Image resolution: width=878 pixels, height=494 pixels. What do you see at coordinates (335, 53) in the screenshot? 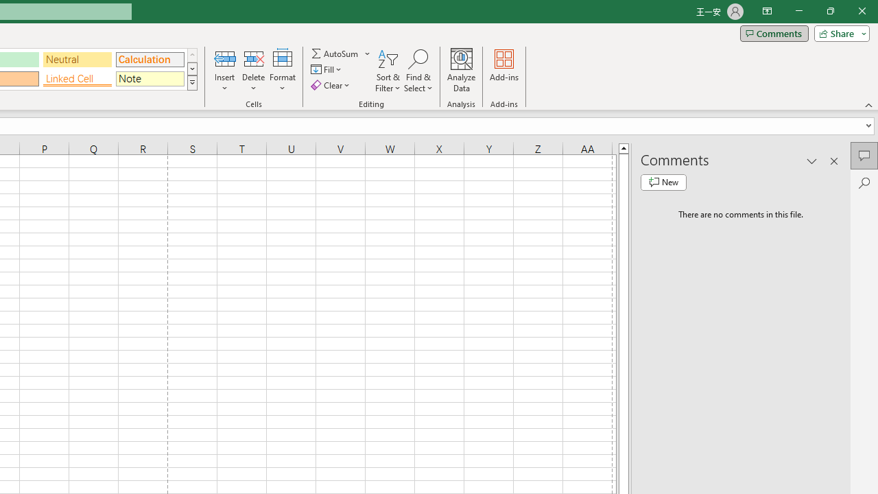
I see `'Sum'` at bounding box center [335, 53].